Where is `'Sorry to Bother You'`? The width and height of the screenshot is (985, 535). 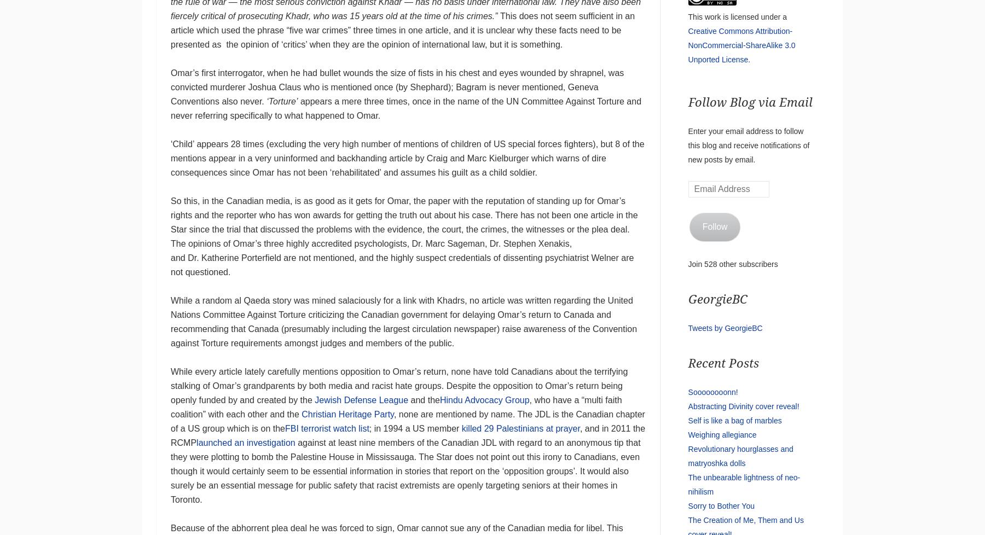
'Sorry to Bother You' is located at coordinates (721, 505).